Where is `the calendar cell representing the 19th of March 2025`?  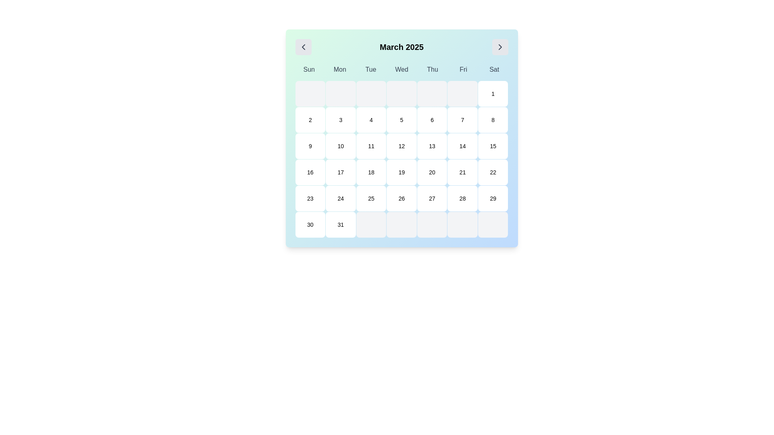
the calendar cell representing the 19th of March 2025 is located at coordinates (402, 172).